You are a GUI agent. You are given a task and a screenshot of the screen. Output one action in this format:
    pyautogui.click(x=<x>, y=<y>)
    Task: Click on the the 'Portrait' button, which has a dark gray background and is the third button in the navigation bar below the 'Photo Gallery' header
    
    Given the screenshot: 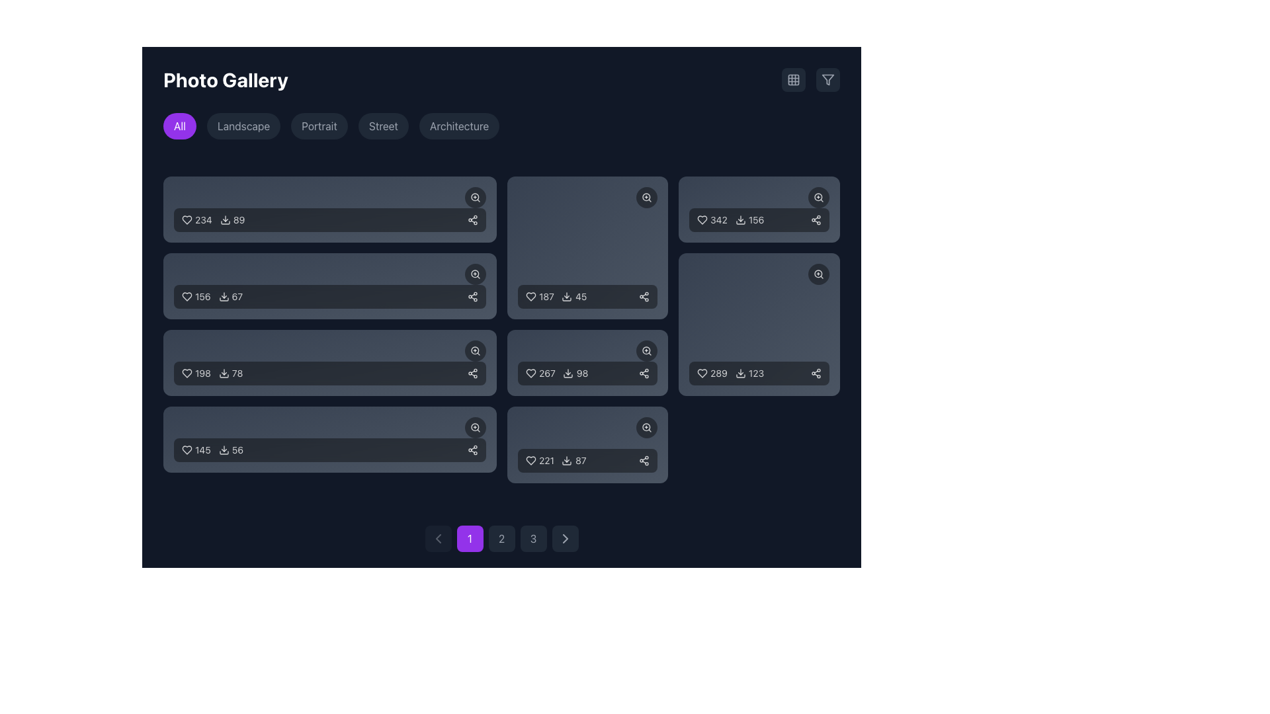 What is the action you would take?
    pyautogui.click(x=319, y=126)
    